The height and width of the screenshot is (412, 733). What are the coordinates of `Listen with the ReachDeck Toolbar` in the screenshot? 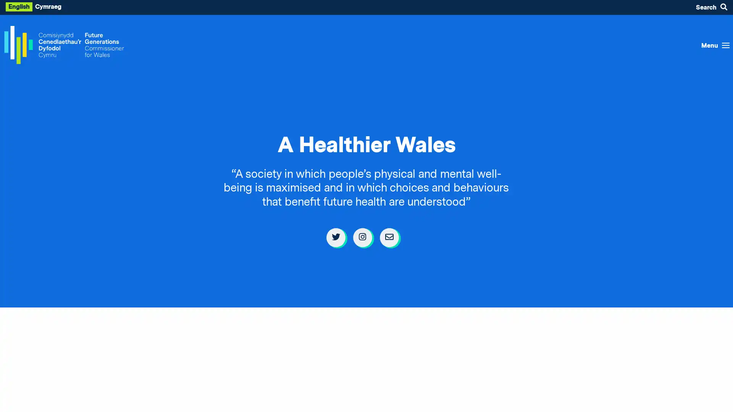 It's located at (712, 393).